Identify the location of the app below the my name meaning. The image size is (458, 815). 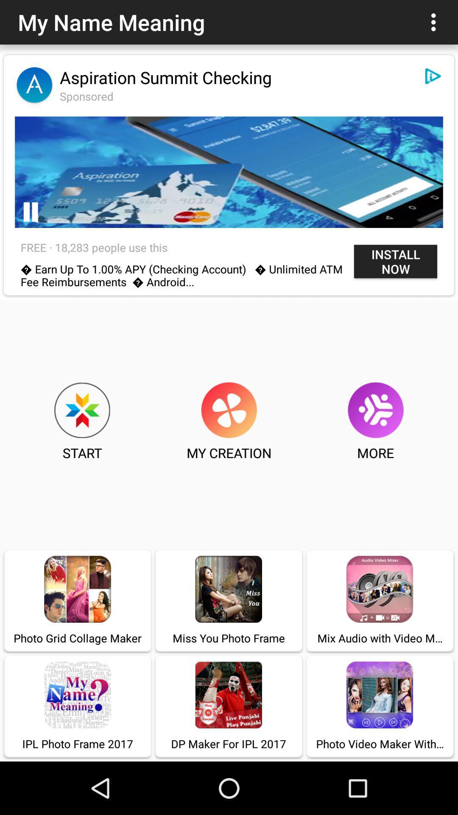
(166, 77).